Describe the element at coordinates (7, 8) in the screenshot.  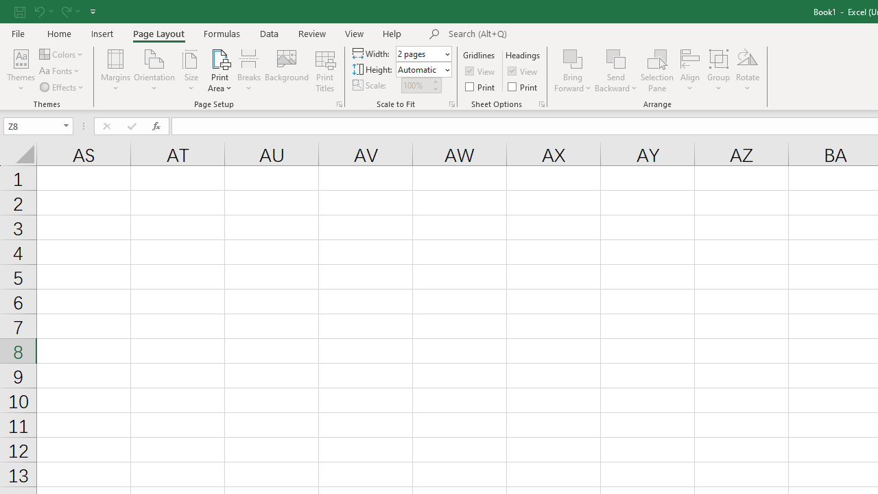
I see `'System'` at that location.